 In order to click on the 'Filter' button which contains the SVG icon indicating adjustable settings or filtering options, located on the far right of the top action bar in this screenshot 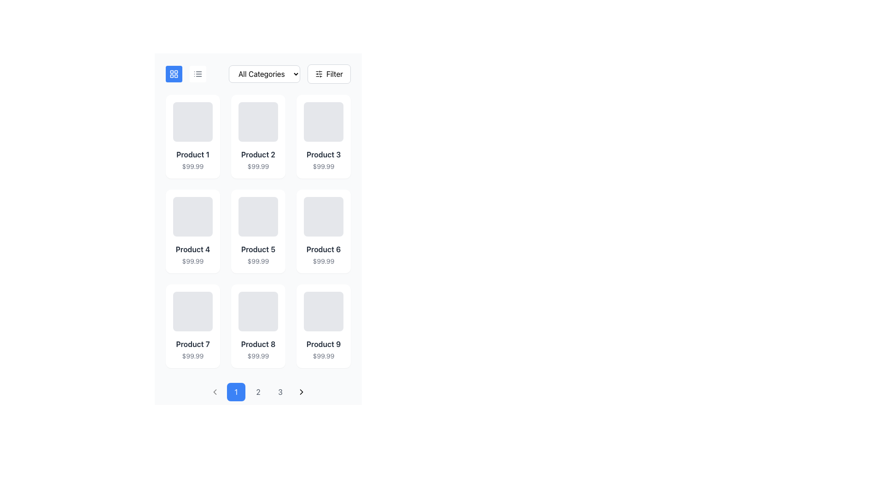, I will do `click(319, 74)`.